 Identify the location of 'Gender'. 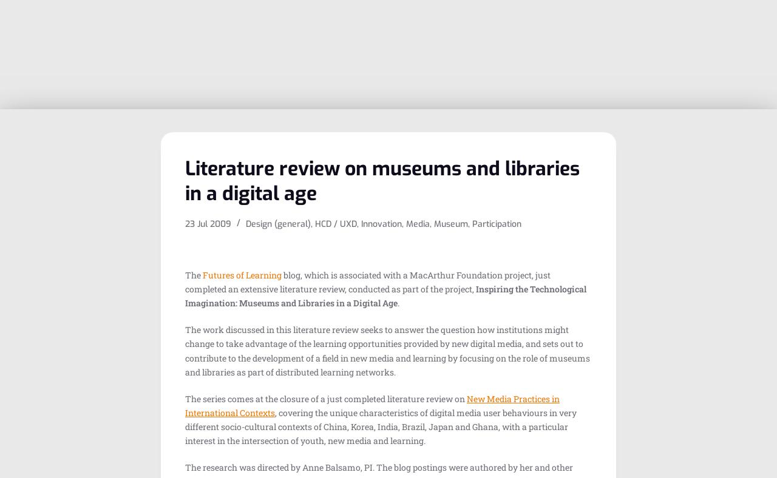
(580, 176).